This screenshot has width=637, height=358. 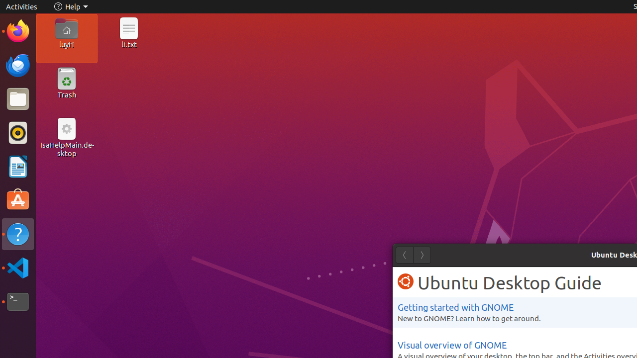 I want to click on 'luyi1', so click(x=66, y=44).